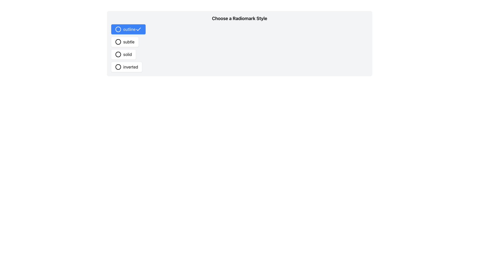  I want to click on the second selectable button in the list under 'Choose a Radiomark Style', so click(125, 41).